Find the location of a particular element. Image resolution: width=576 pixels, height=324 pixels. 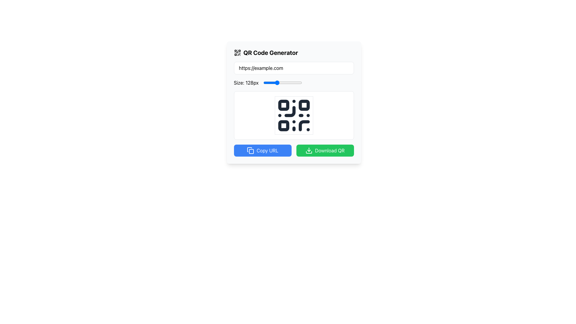

the 'Copy URL' icon, which resembles a document or page stacked behind another, located in the bottom-left blue button under the QR code display area is located at coordinates (250, 150).